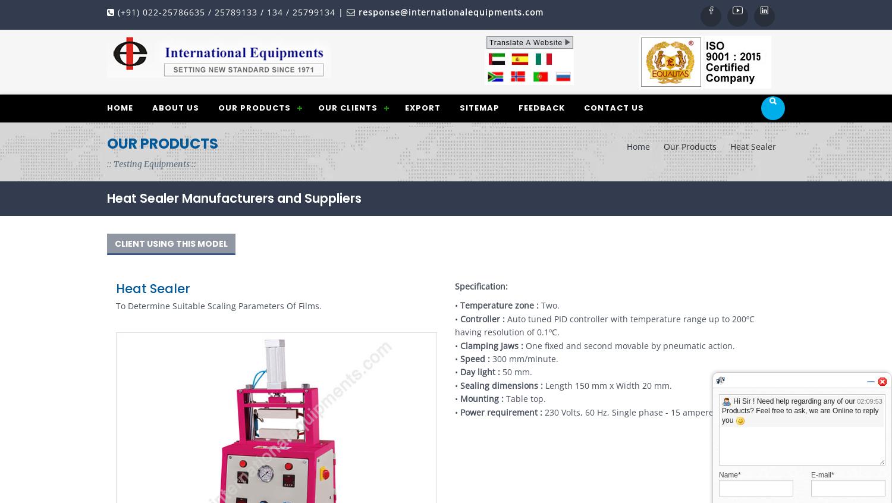  Describe the element at coordinates (152, 164) in the screenshot. I see `':: Testing Equipments ::'` at that location.